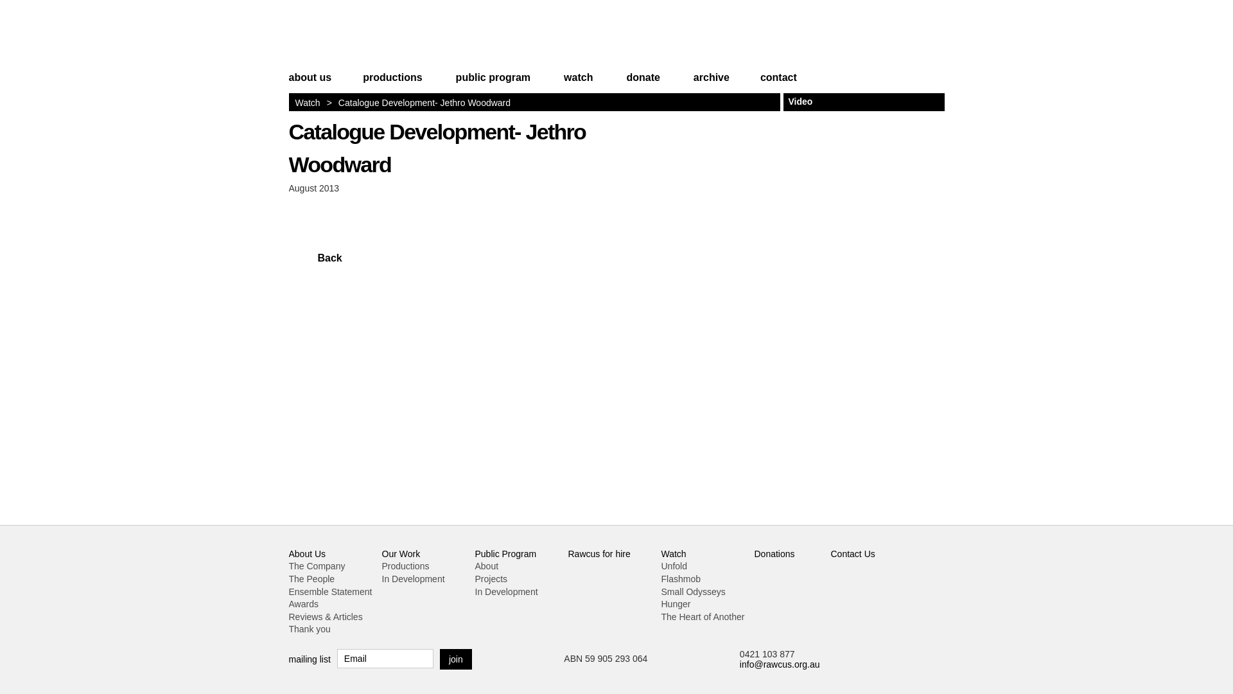 The height and width of the screenshot is (694, 1233). I want to click on 'Projects', so click(474, 579).